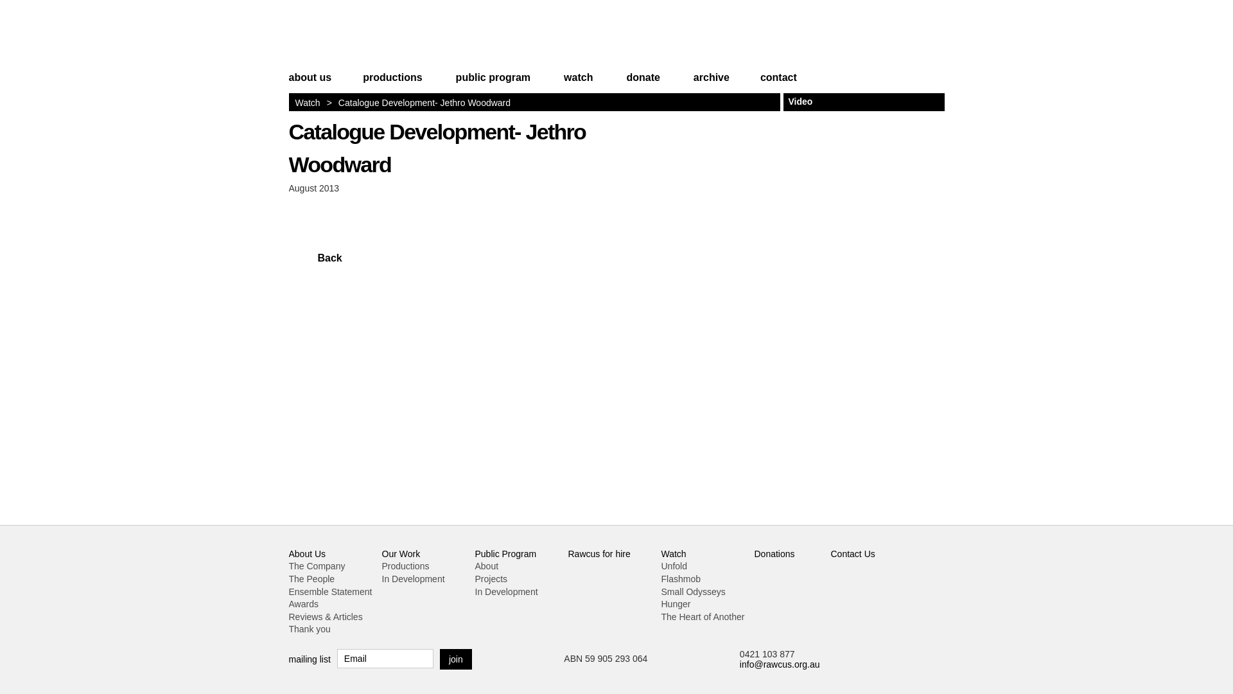 The height and width of the screenshot is (694, 1233). I want to click on 'Projects', so click(474, 579).